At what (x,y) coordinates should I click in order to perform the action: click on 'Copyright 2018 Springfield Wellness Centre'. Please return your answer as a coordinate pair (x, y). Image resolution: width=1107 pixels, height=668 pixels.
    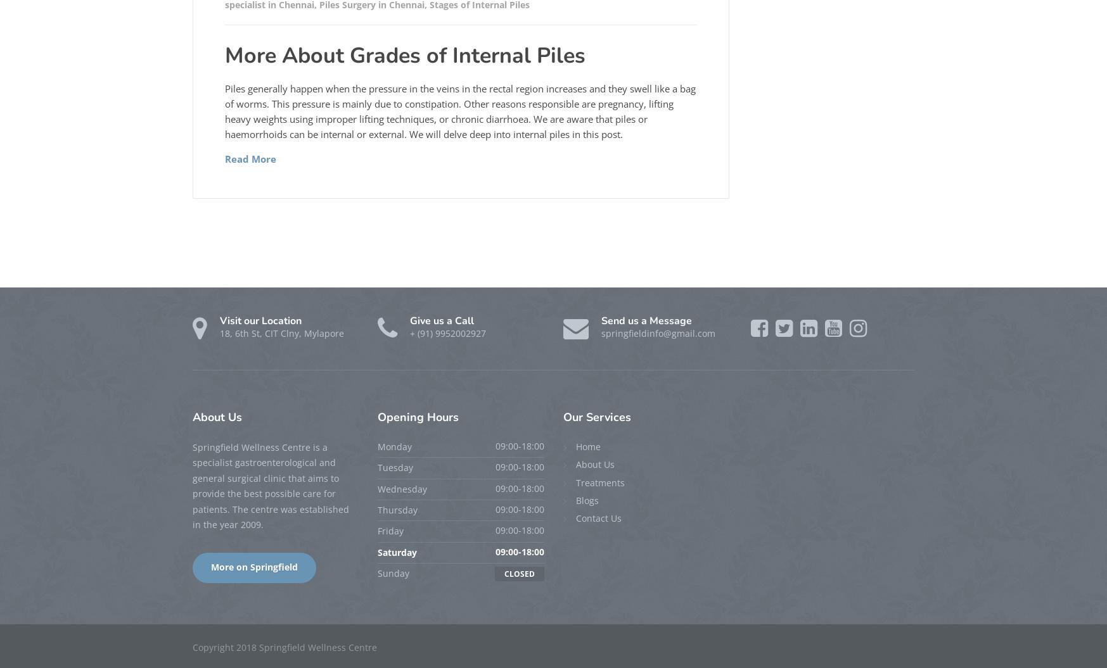
    Looking at the image, I should click on (191, 646).